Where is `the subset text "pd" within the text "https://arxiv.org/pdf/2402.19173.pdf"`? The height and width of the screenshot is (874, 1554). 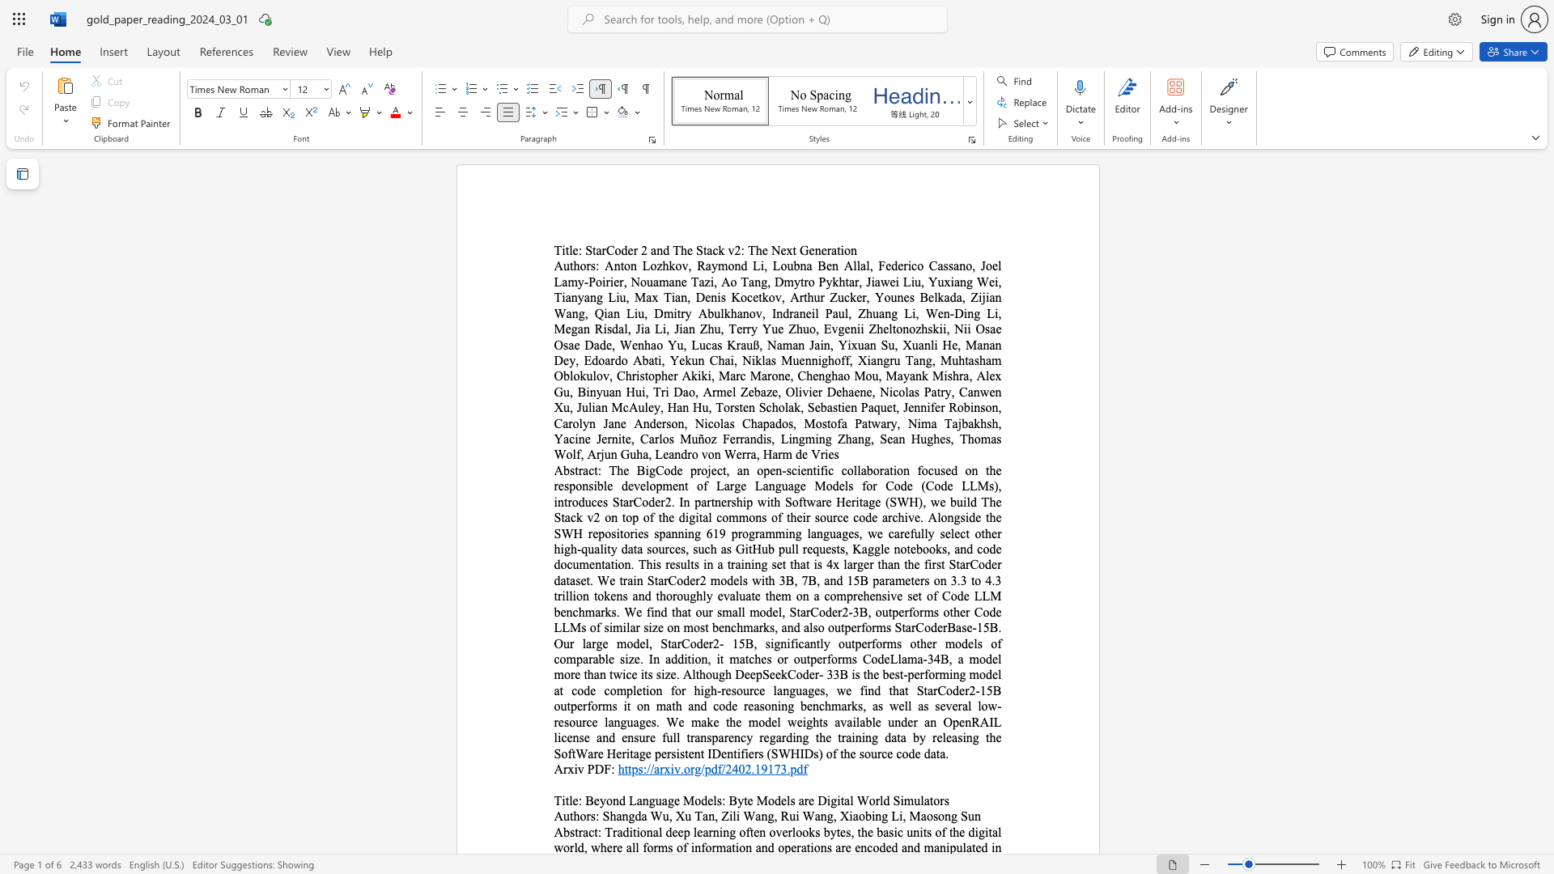 the subset text "pd" within the text "https://arxiv.org/pdf/2402.19173.pdf" is located at coordinates (790, 768).